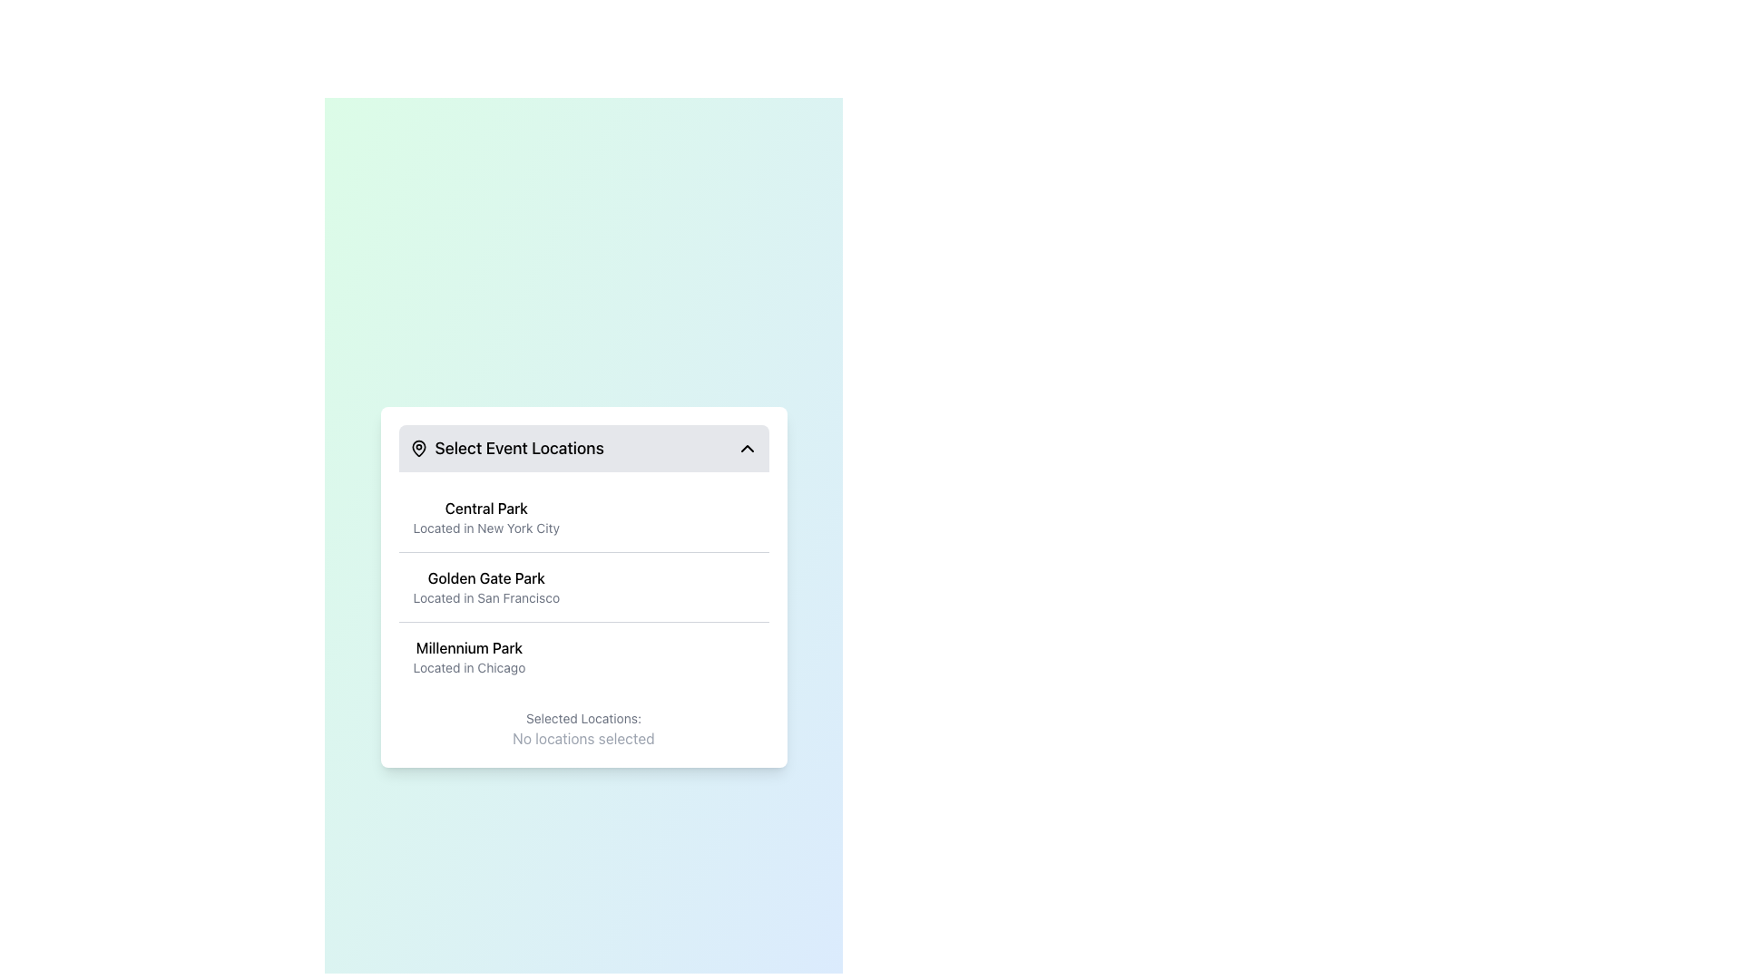  I want to click on the second list item labeled 'Golden Gate Park' within the 'Select Event Locations' section, so click(583, 586).